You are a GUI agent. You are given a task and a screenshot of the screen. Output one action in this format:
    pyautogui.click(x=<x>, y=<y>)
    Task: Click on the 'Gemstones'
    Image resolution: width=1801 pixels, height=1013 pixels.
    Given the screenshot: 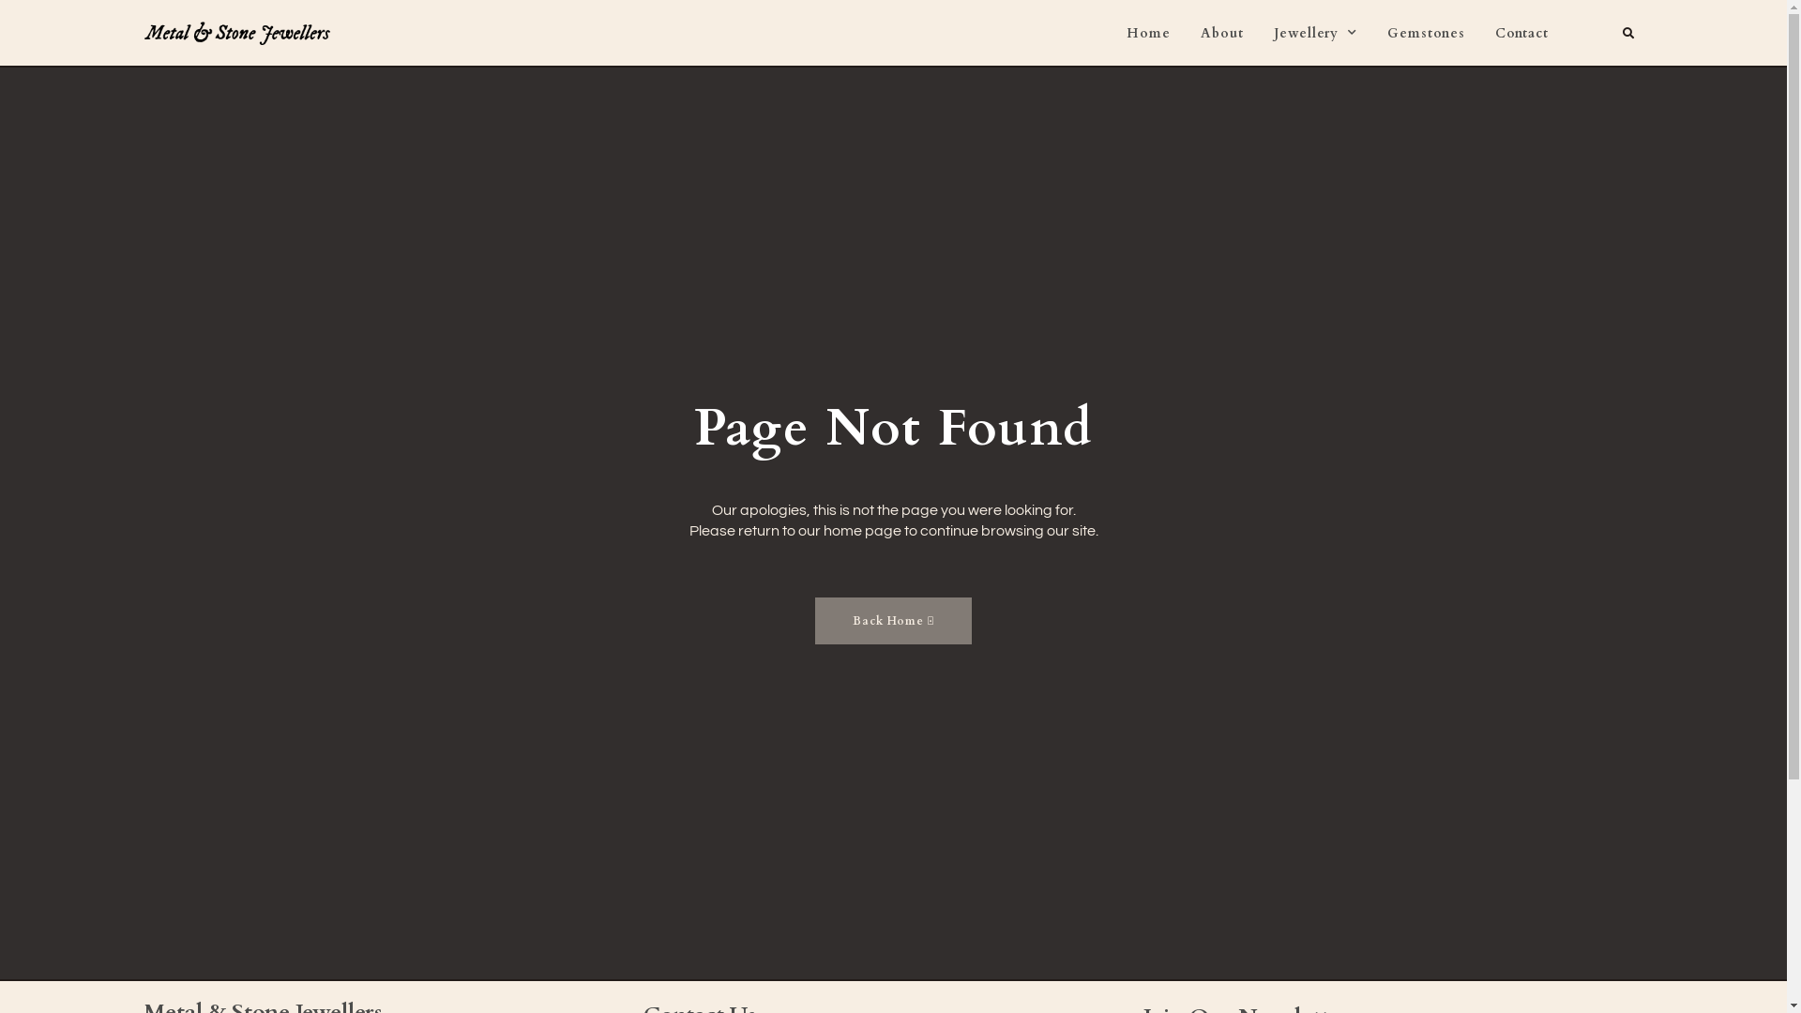 What is the action you would take?
    pyautogui.click(x=1386, y=33)
    